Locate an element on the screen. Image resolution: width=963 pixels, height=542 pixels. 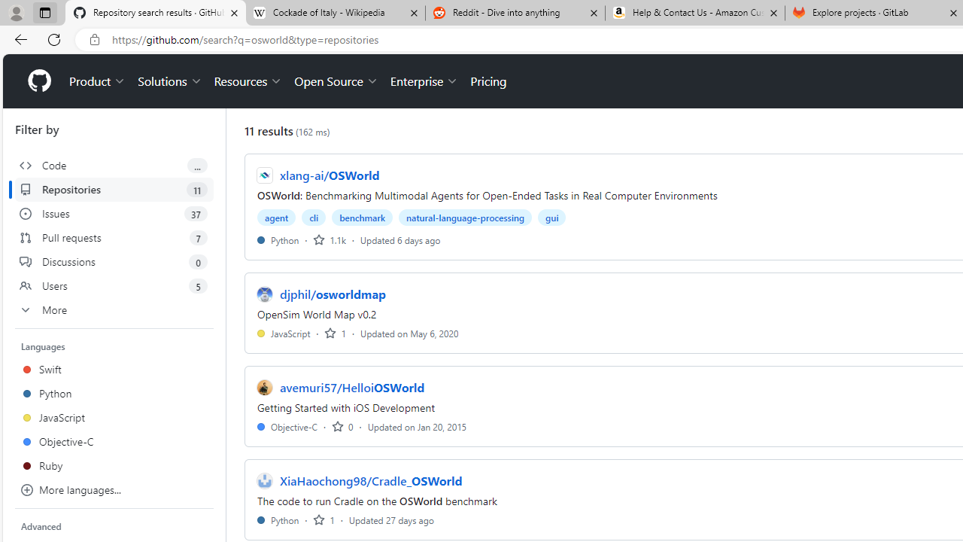
'Cockade of Italy - Wikipedia' is located at coordinates (334, 13).